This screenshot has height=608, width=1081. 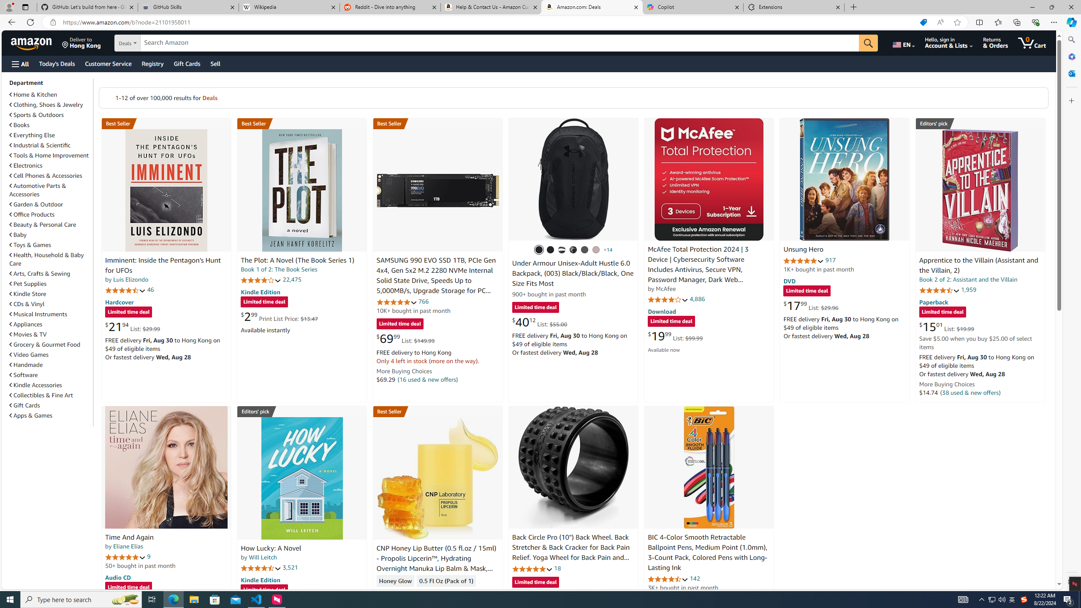 I want to click on 'Sell', so click(x=215, y=63).